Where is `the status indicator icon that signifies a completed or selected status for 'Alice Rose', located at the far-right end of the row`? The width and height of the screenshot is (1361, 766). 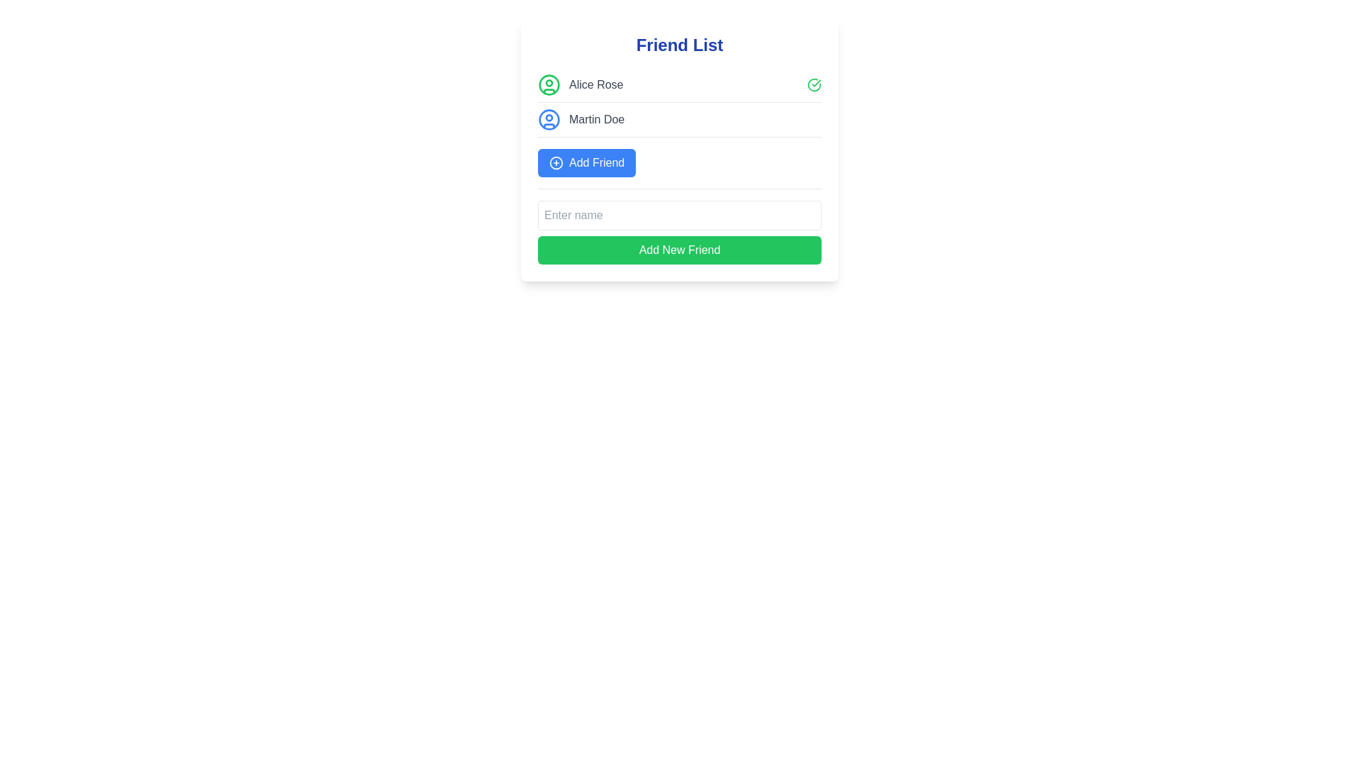 the status indicator icon that signifies a completed or selected status for 'Alice Rose', located at the far-right end of the row is located at coordinates (814, 84).